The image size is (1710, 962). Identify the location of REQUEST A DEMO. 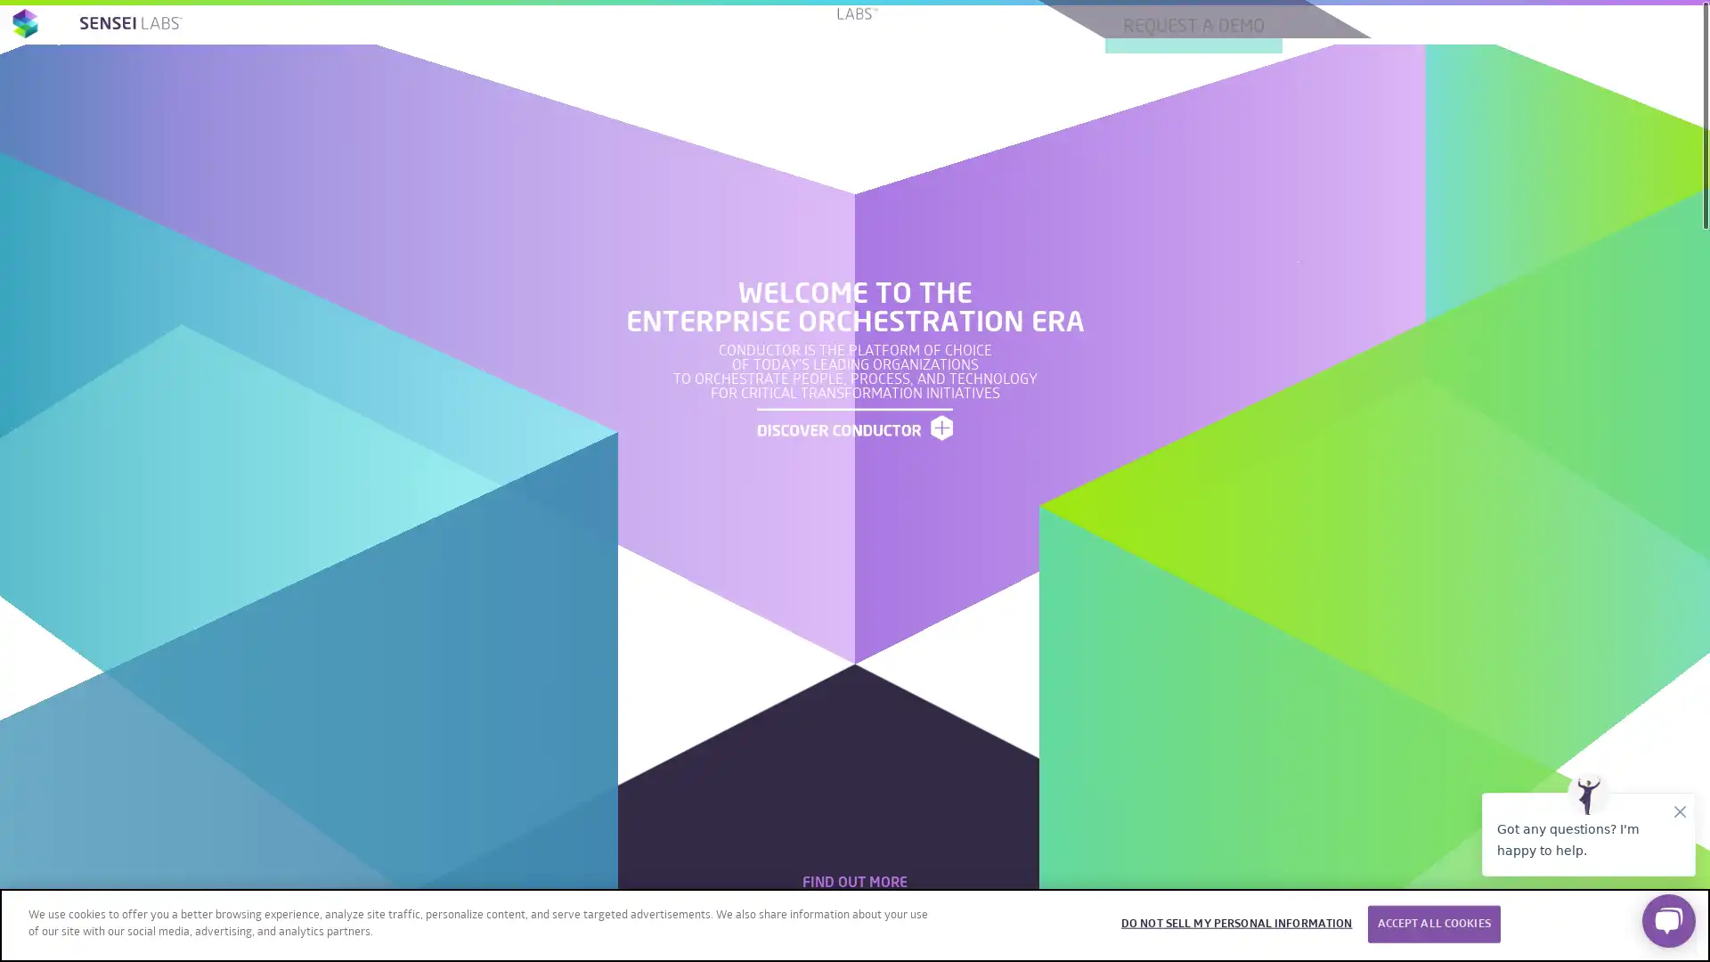
(999, 735).